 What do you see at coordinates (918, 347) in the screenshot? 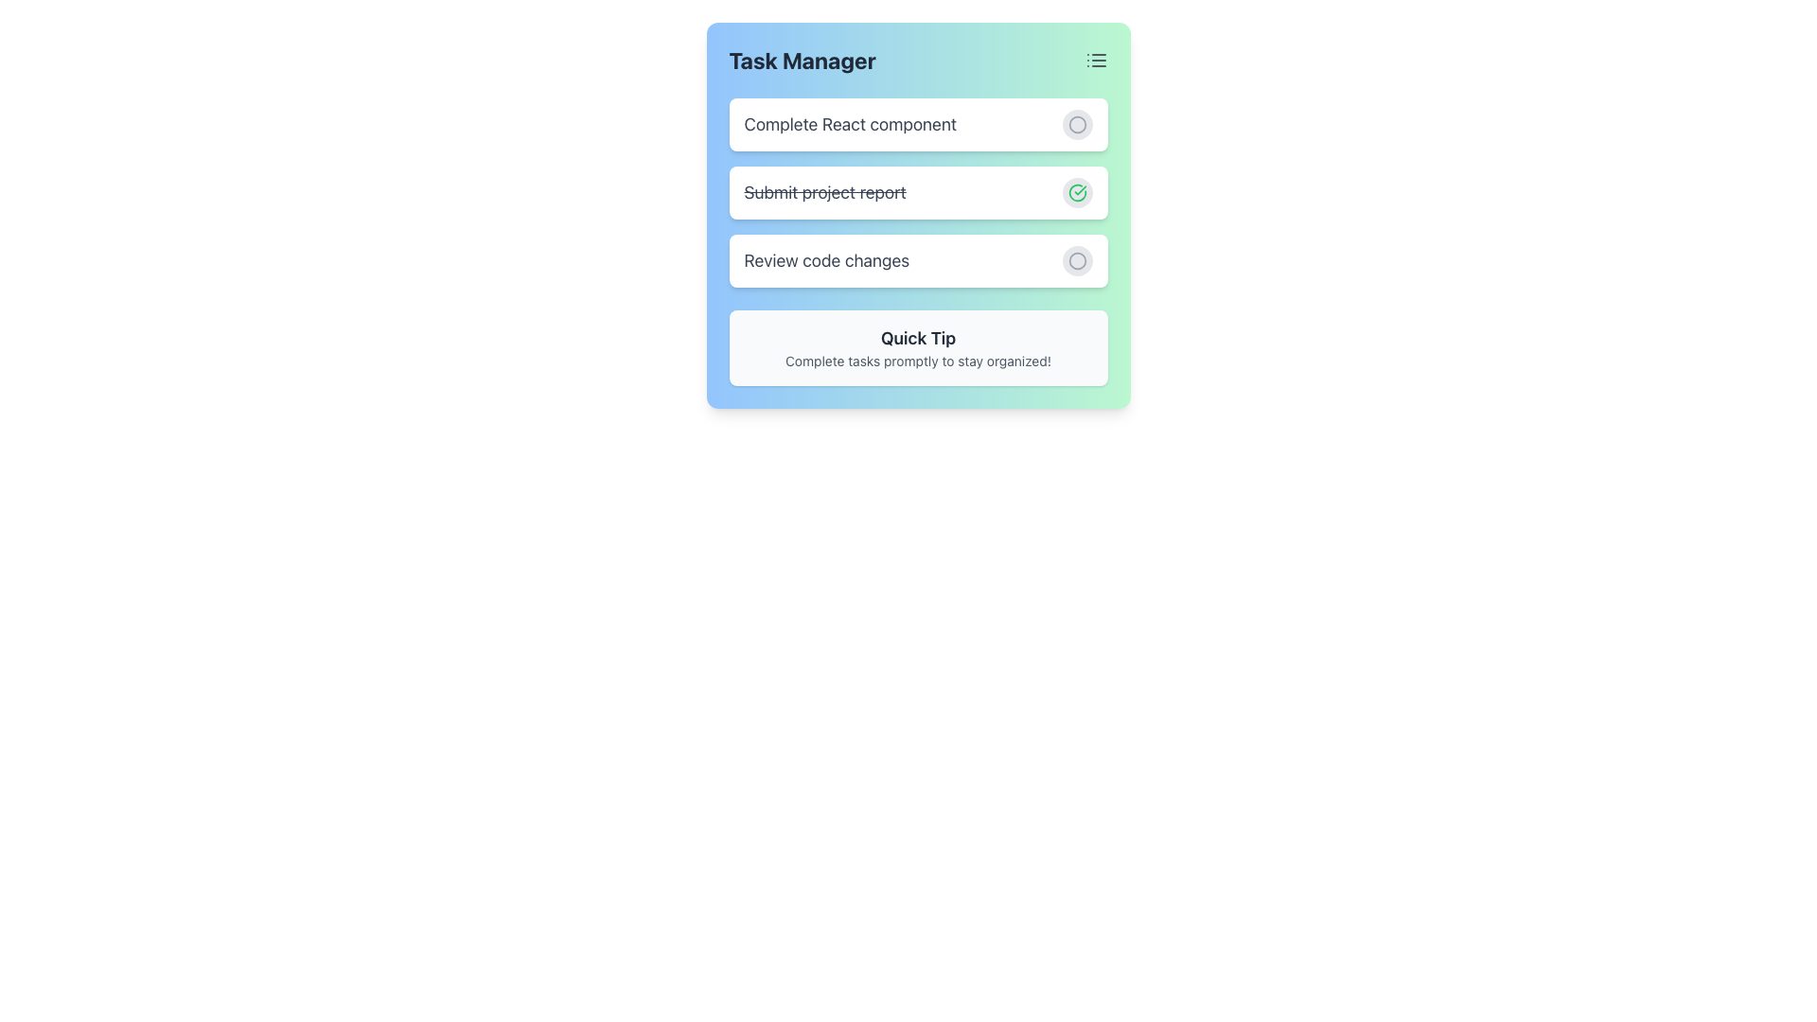
I see `the Informational Tooltip that displays 'Quick Tip' and advises to 'Complete tasks promptly to stay organized!'` at bounding box center [918, 347].